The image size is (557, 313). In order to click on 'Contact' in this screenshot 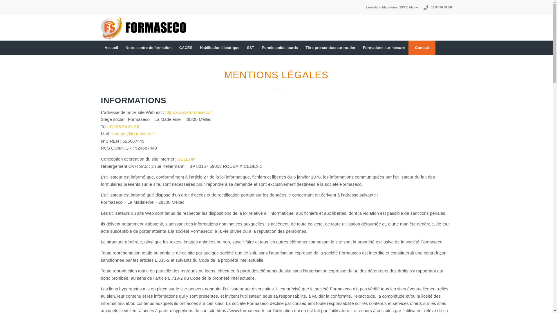, I will do `click(422, 48)`.